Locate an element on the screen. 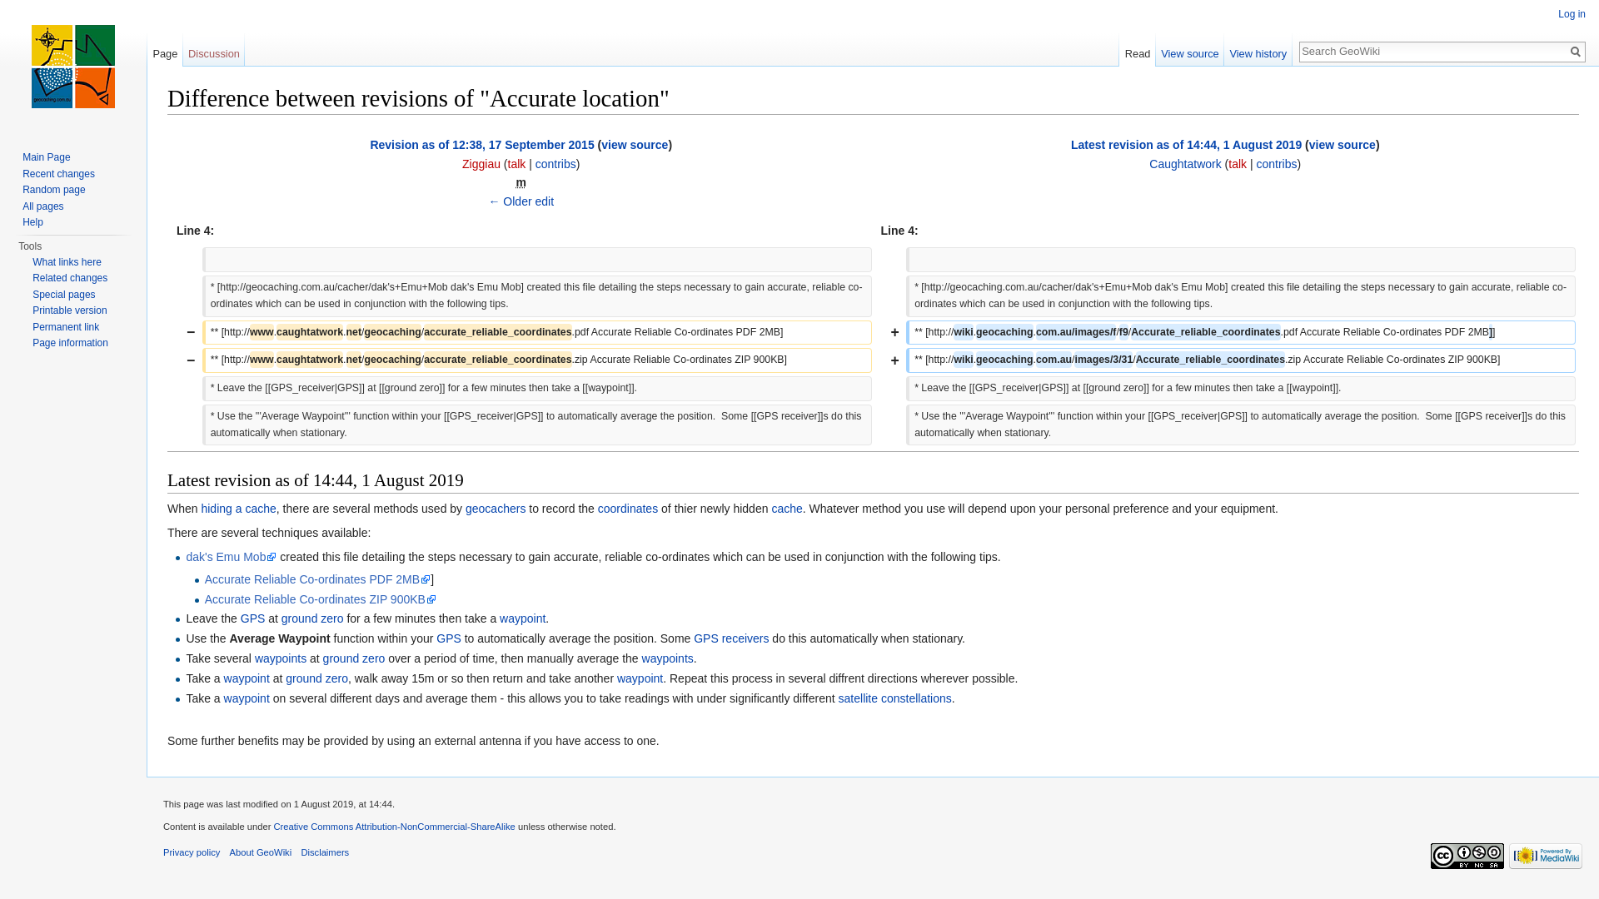 The height and width of the screenshot is (899, 1599). 'Related changes' is located at coordinates (68, 277).